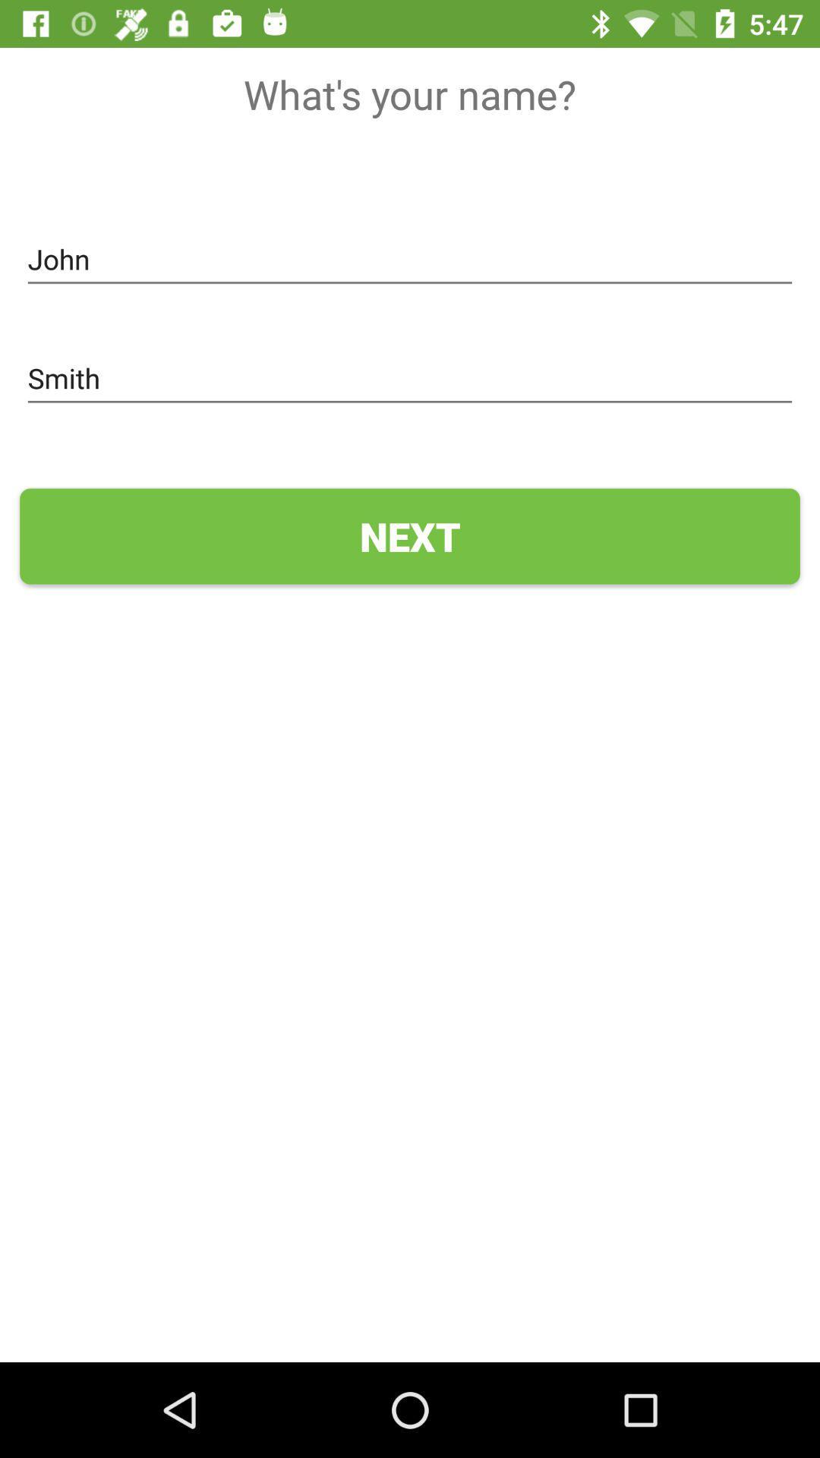 The height and width of the screenshot is (1458, 820). I want to click on icon below what s your, so click(410, 260).